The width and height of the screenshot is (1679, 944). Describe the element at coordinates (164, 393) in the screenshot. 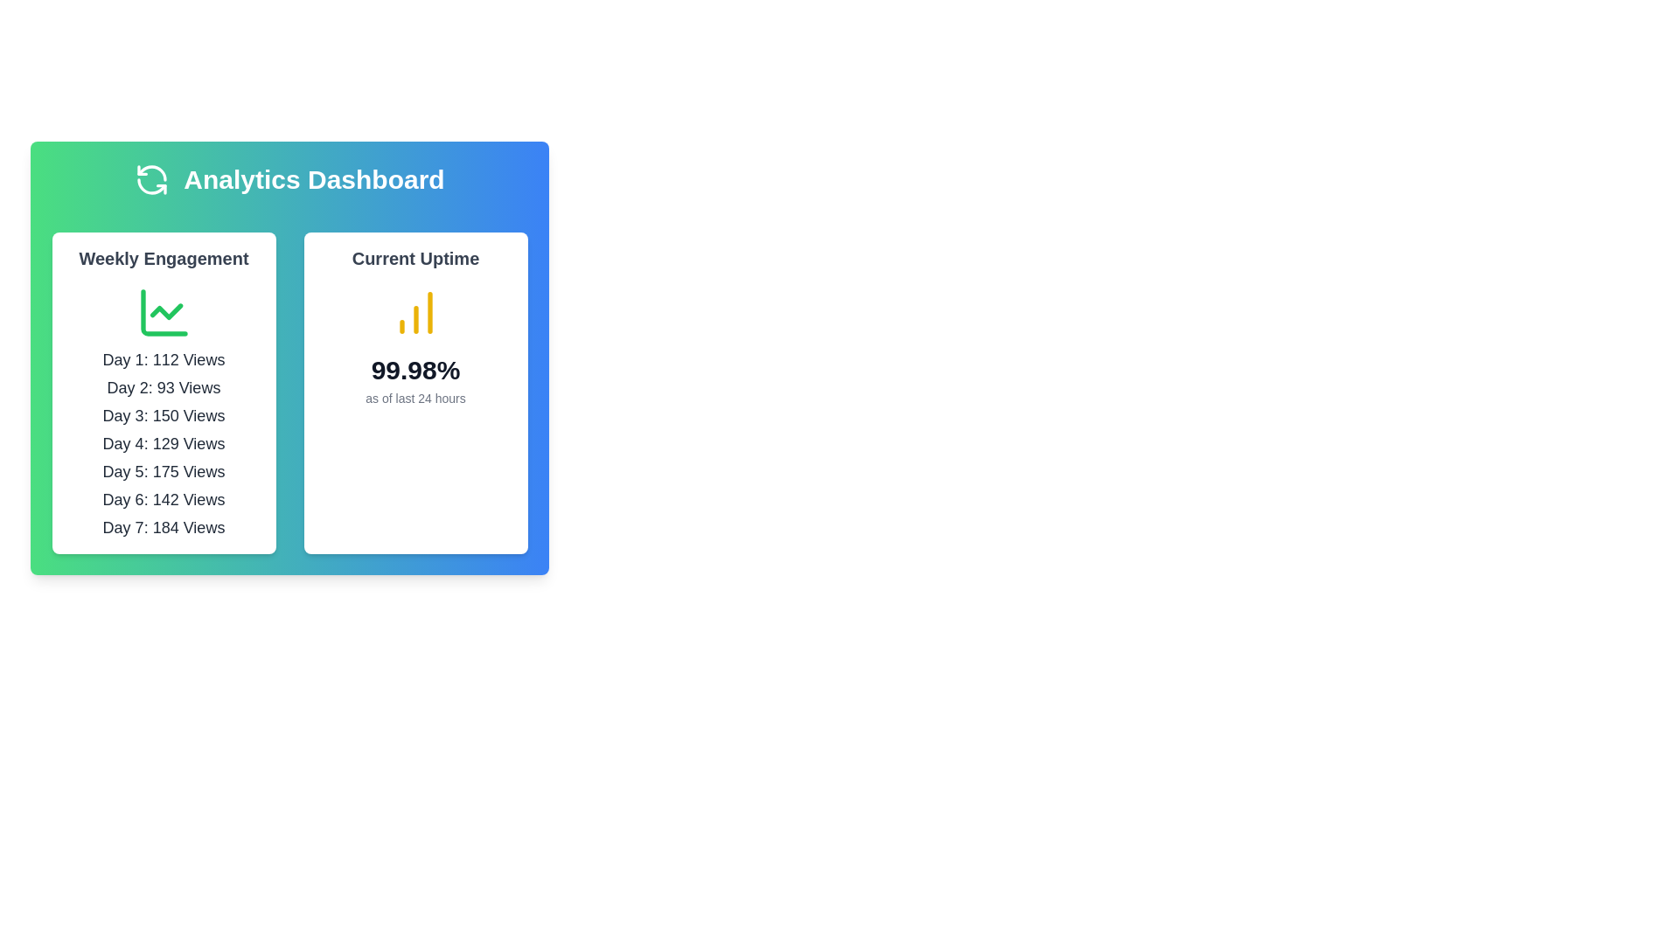

I see `the 'Weekly Engagement' informational card, which is a rectangular card with rounded edges, a white background, and contains the title in bold at the top and a green line chart icon` at that location.